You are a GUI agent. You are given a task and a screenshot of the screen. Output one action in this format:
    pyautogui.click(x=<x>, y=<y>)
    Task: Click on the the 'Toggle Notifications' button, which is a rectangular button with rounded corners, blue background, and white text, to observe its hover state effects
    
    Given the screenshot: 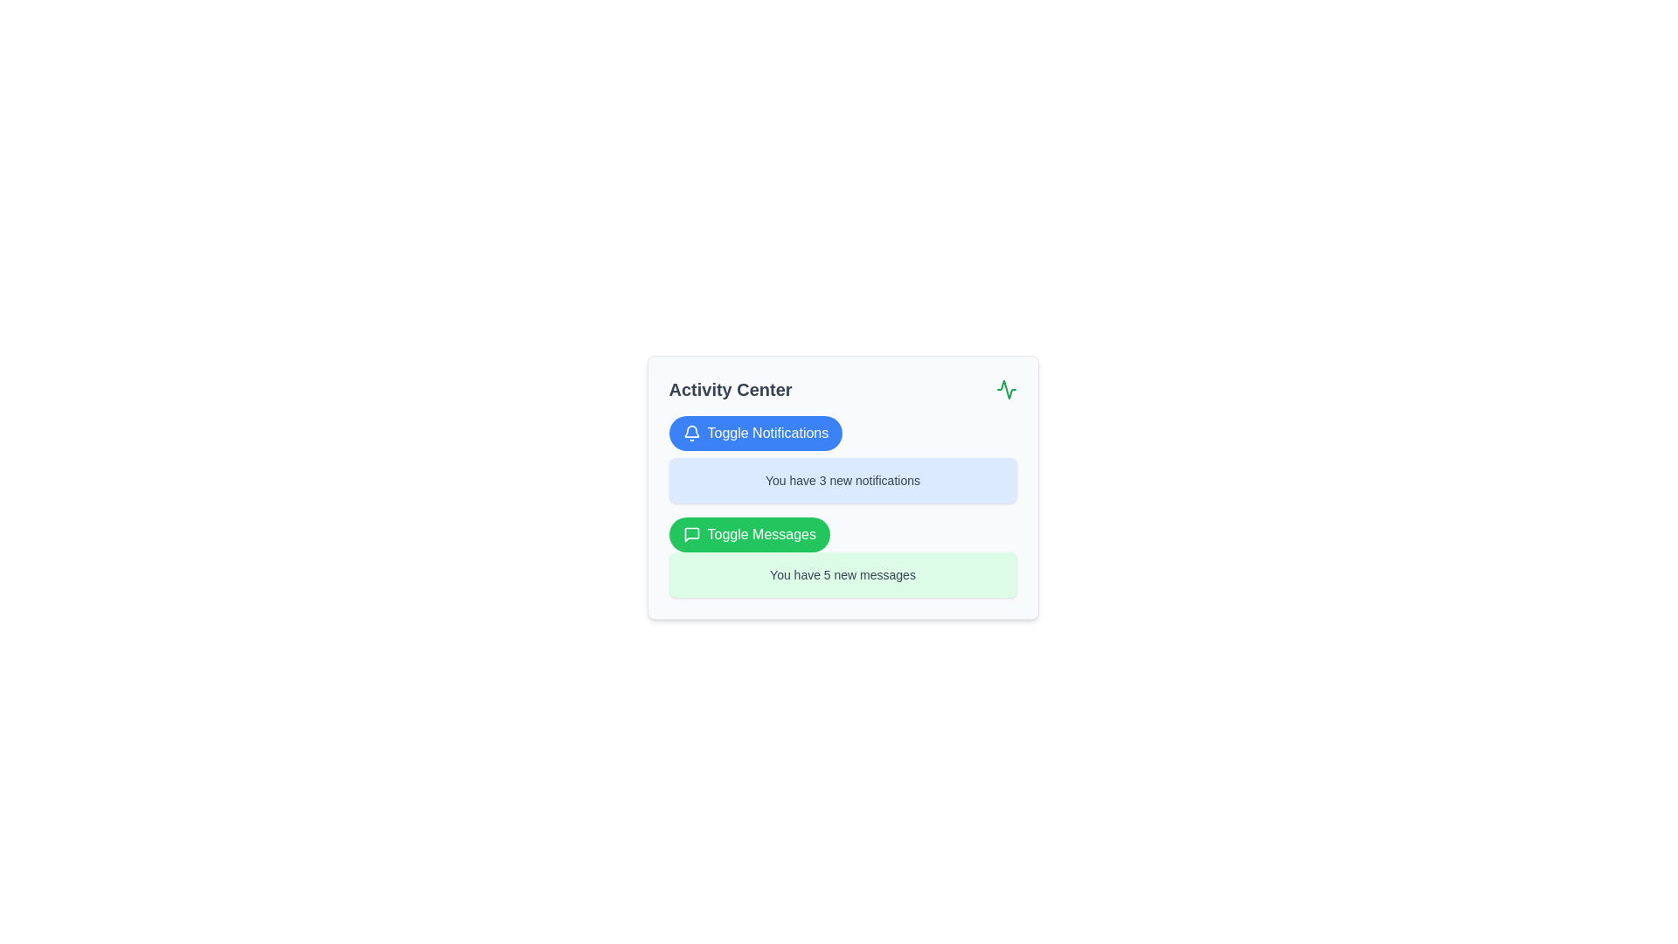 What is the action you would take?
    pyautogui.click(x=755, y=433)
    